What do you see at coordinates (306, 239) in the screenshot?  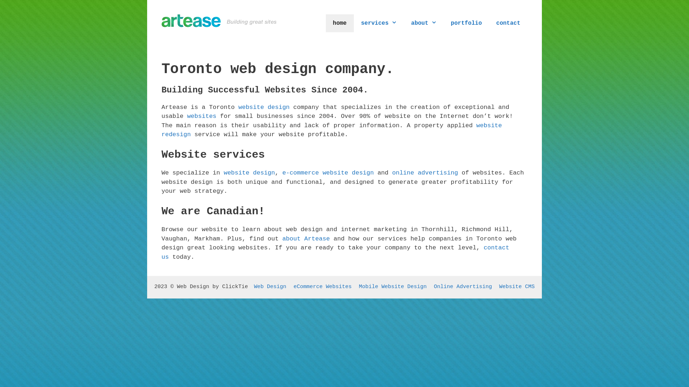 I see `'about Artease'` at bounding box center [306, 239].